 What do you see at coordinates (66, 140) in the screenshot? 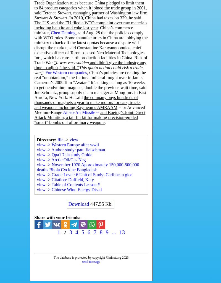
I see `'->'` at bounding box center [66, 140].